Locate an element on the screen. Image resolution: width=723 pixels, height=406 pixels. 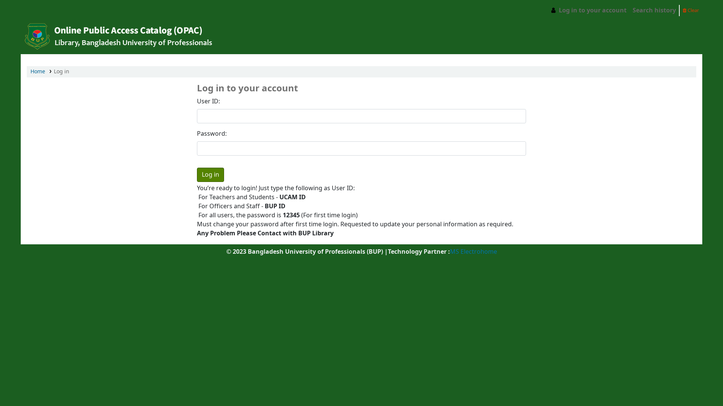
'Search history' is located at coordinates (629, 10).